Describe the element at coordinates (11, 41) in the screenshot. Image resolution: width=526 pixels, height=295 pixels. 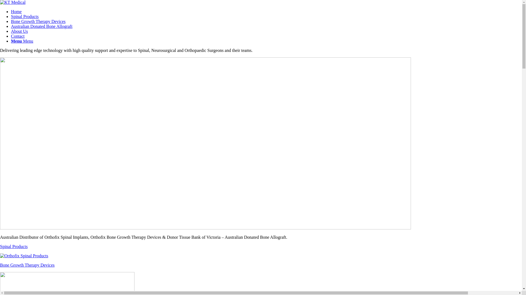
I see `'Menu Menu'` at that location.